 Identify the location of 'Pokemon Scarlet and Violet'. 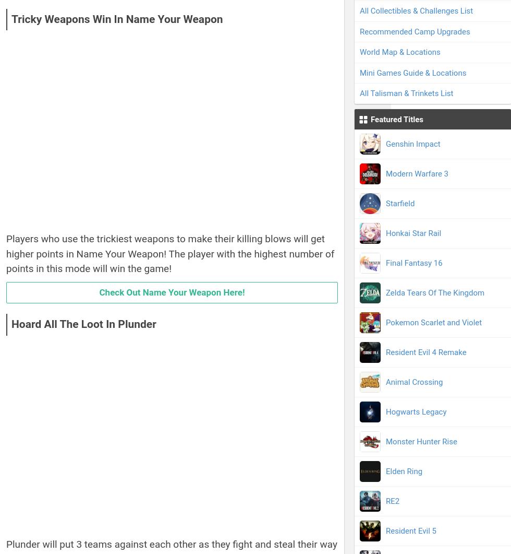
(434, 321).